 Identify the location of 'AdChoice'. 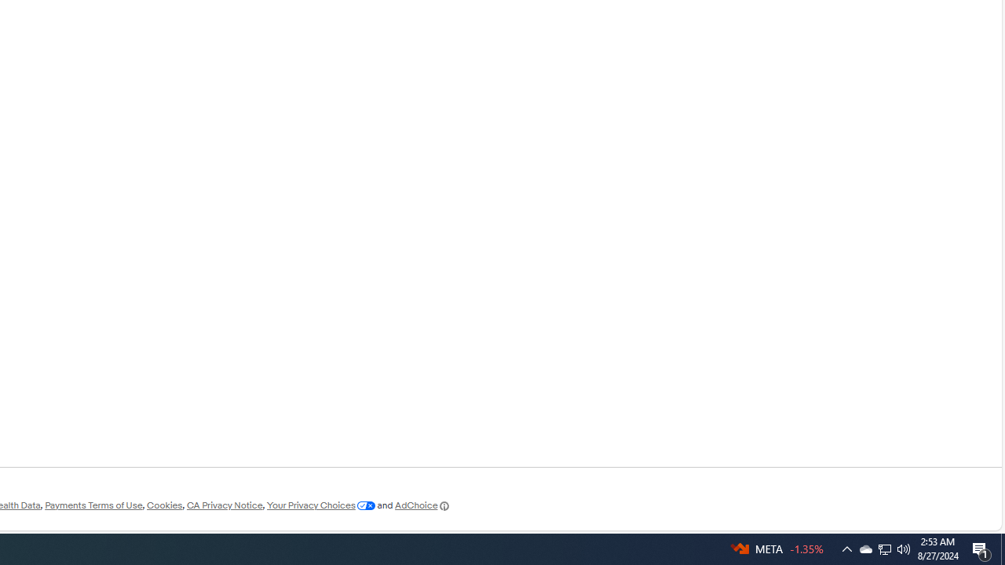
(422, 505).